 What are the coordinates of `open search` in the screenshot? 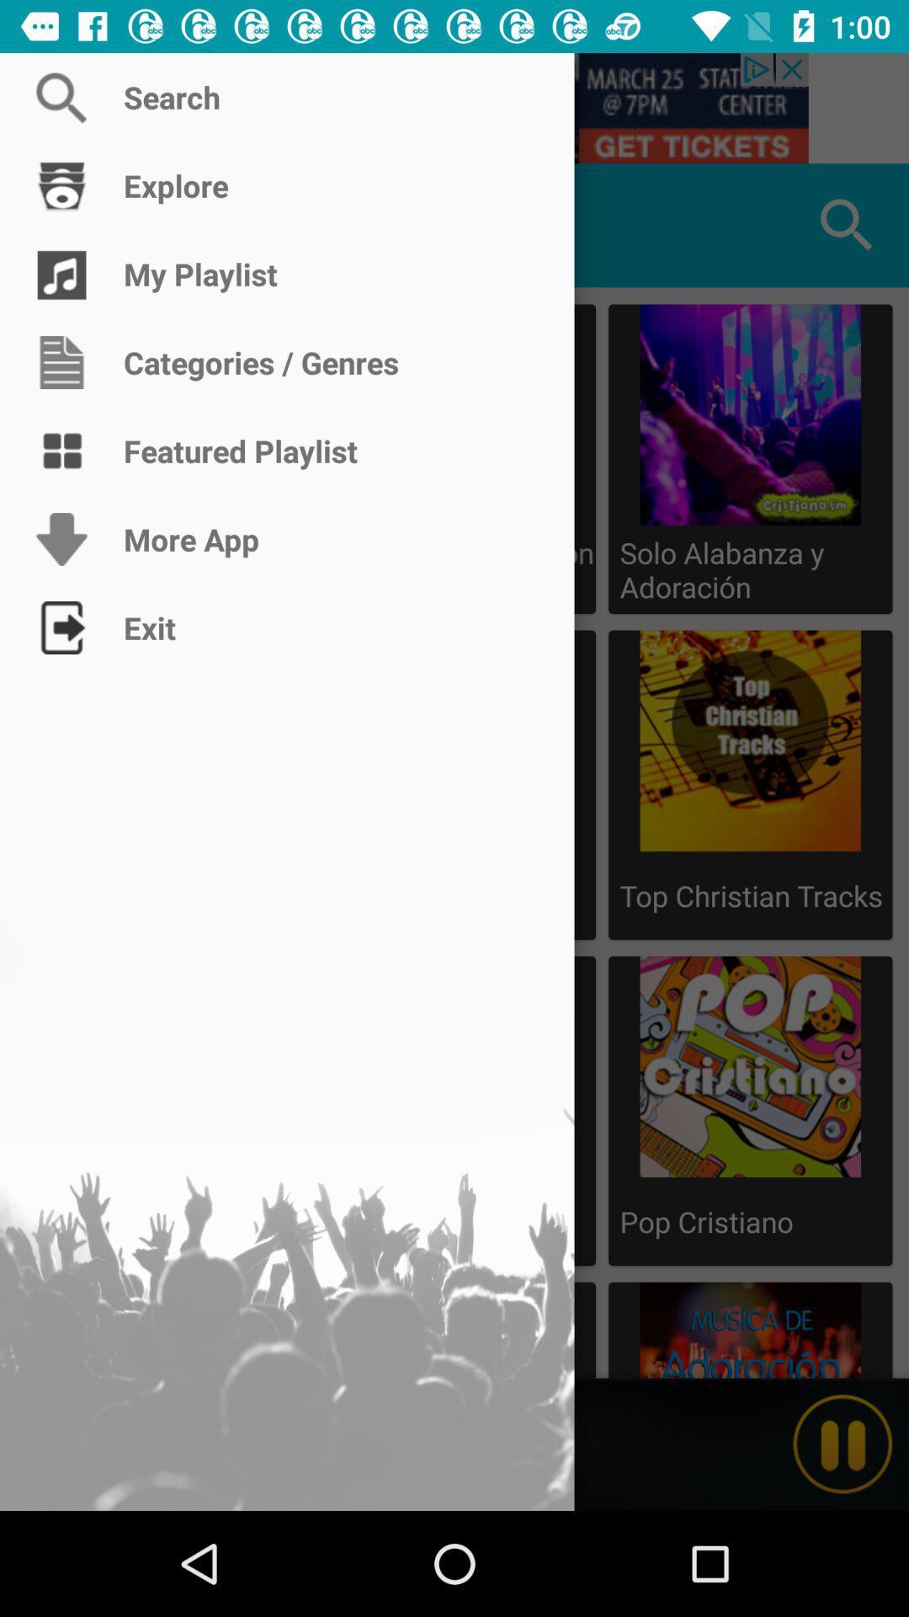 It's located at (454, 107).